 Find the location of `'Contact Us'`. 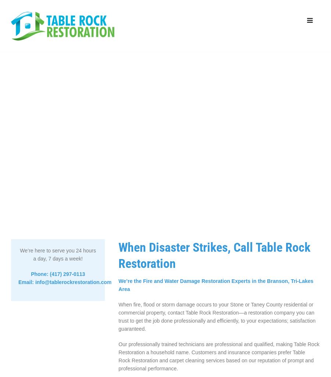

'Contact Us' is located at coordinates (269, 71).